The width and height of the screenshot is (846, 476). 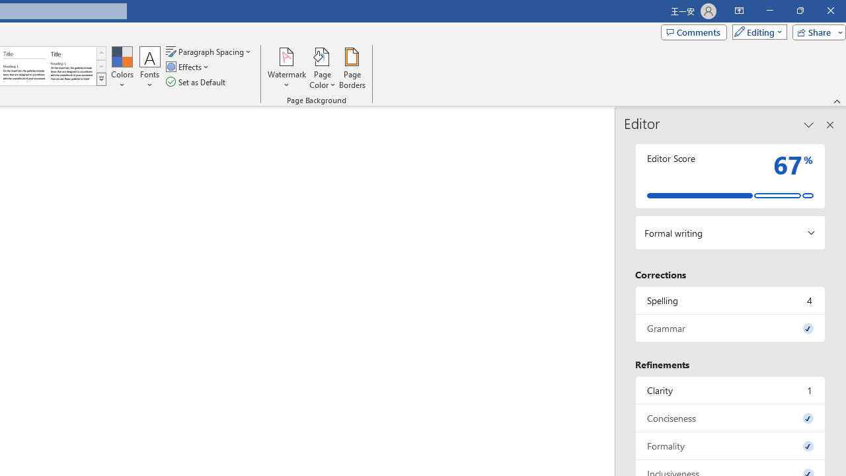 What do you see at coordinates (150, 68) in the screenshot?
I see `'Fonts'` at bounding box center [150, 68].